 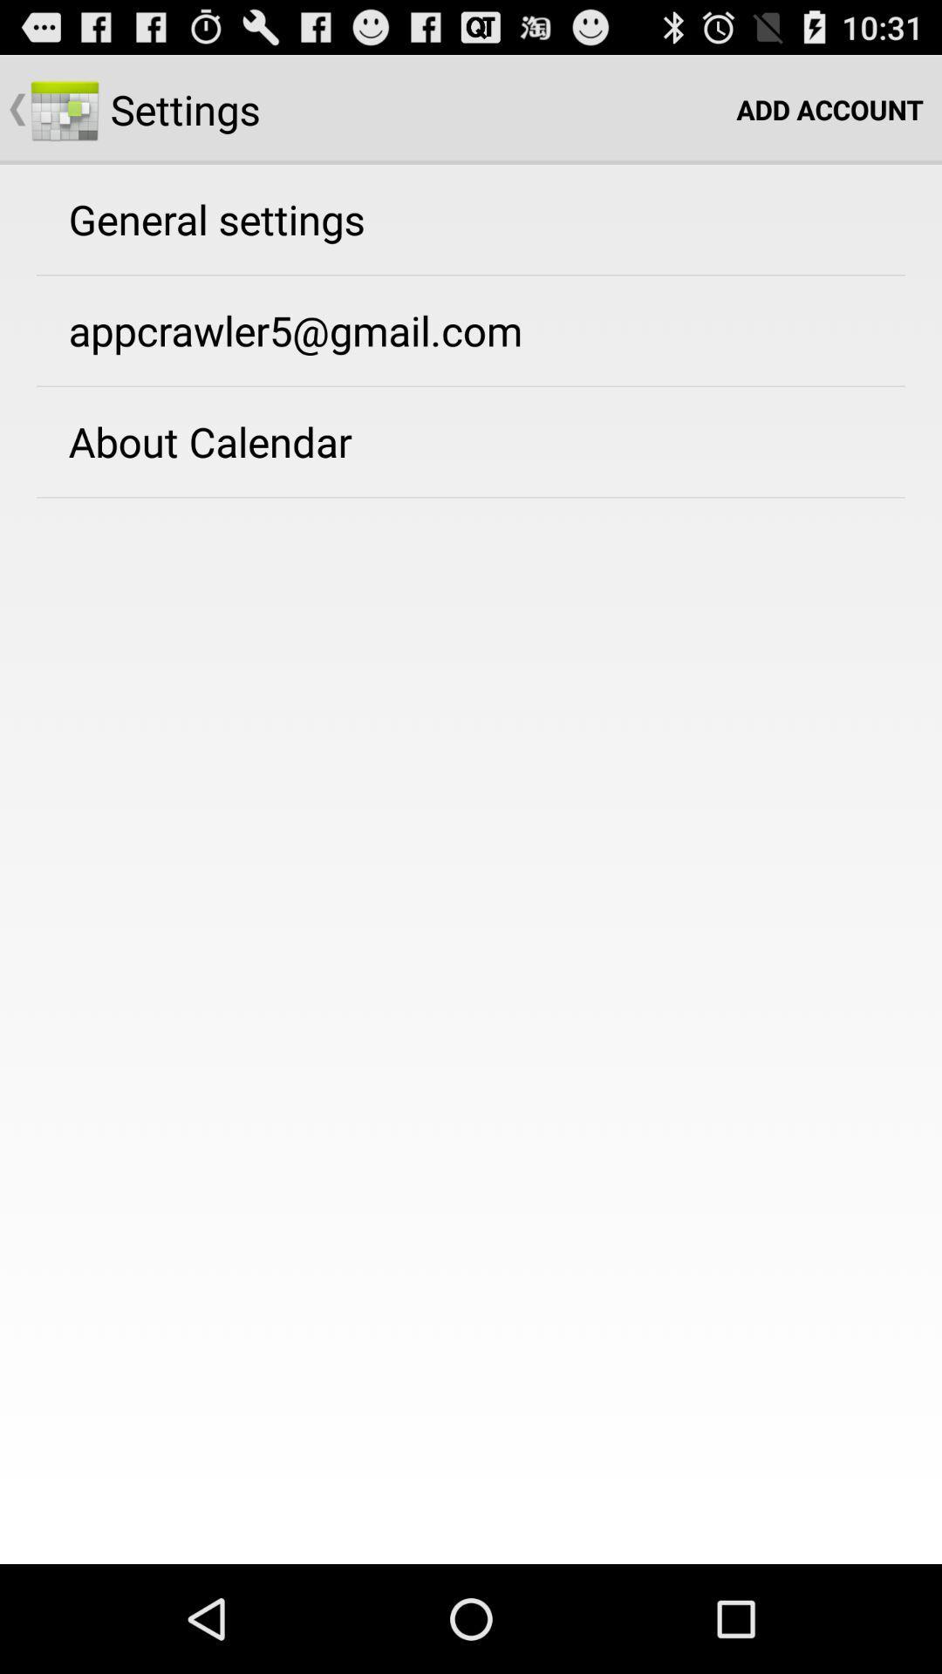 I want to click on icon to the right of settings item, so click(x=829, y=108).